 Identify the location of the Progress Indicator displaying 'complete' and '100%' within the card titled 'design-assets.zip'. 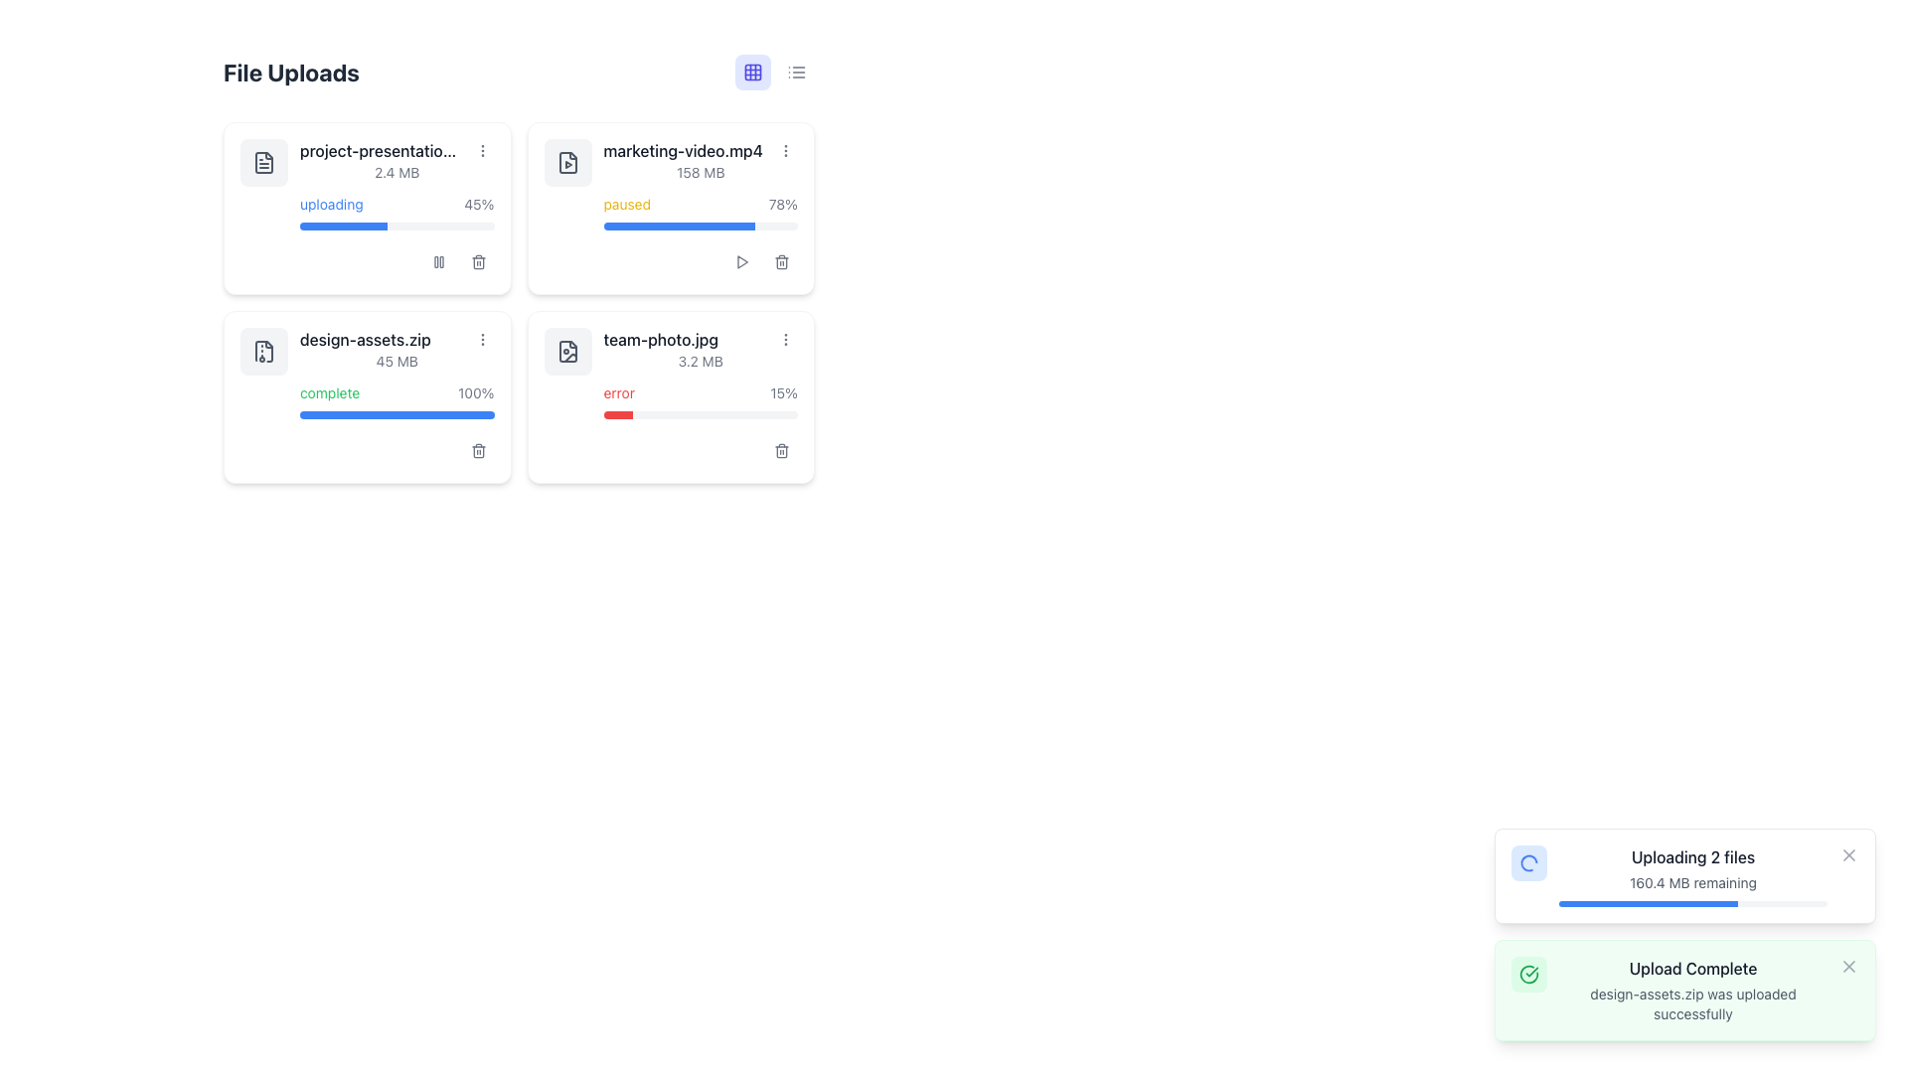
(397, 401).